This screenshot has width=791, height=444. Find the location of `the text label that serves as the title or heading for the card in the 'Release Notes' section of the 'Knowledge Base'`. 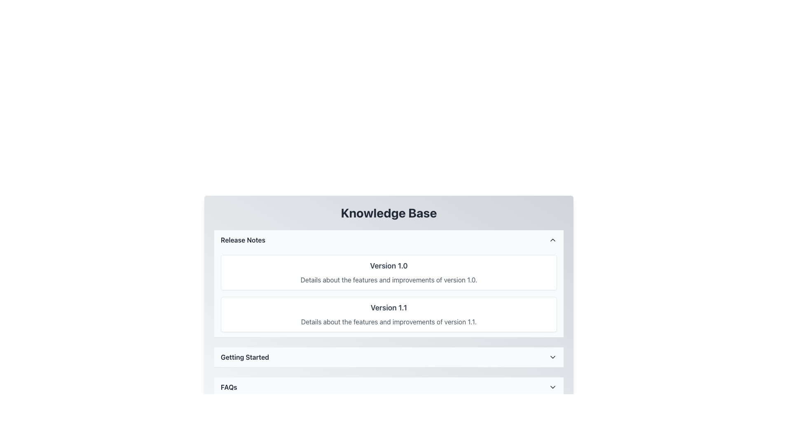

the text label that serves as the title or heading for the card in the 'Release Notes' section of the 'Knowledge Base' is located at coordinates (388, 266).